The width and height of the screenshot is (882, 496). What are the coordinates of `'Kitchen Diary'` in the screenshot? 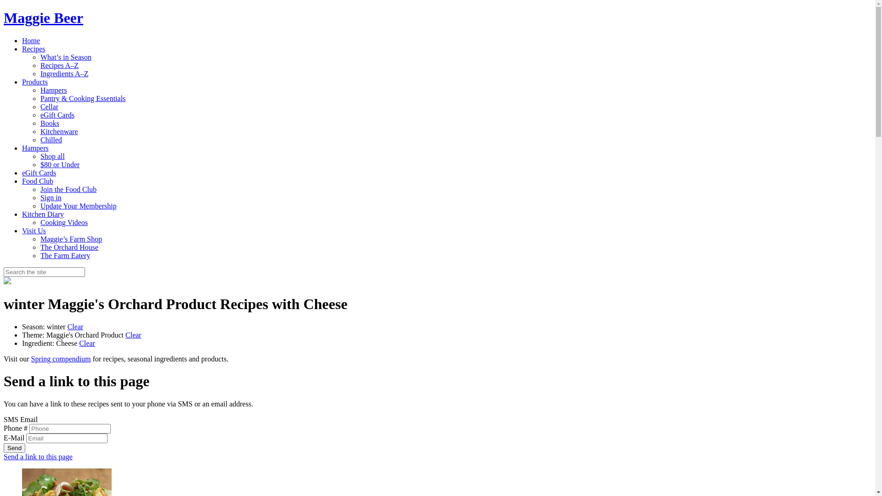 It's located at (42, 214).